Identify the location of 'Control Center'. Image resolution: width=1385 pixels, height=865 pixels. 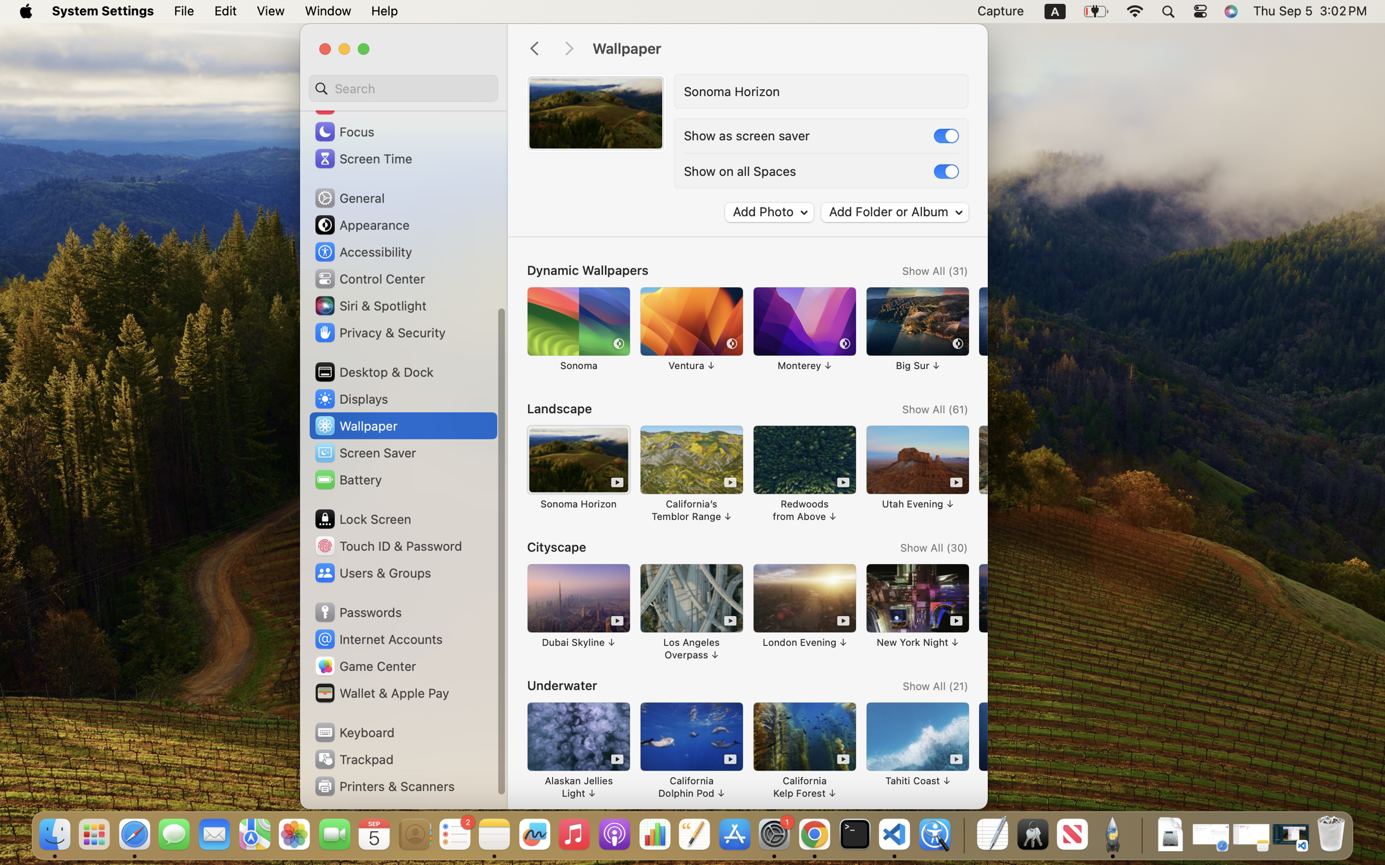
(369, 278).